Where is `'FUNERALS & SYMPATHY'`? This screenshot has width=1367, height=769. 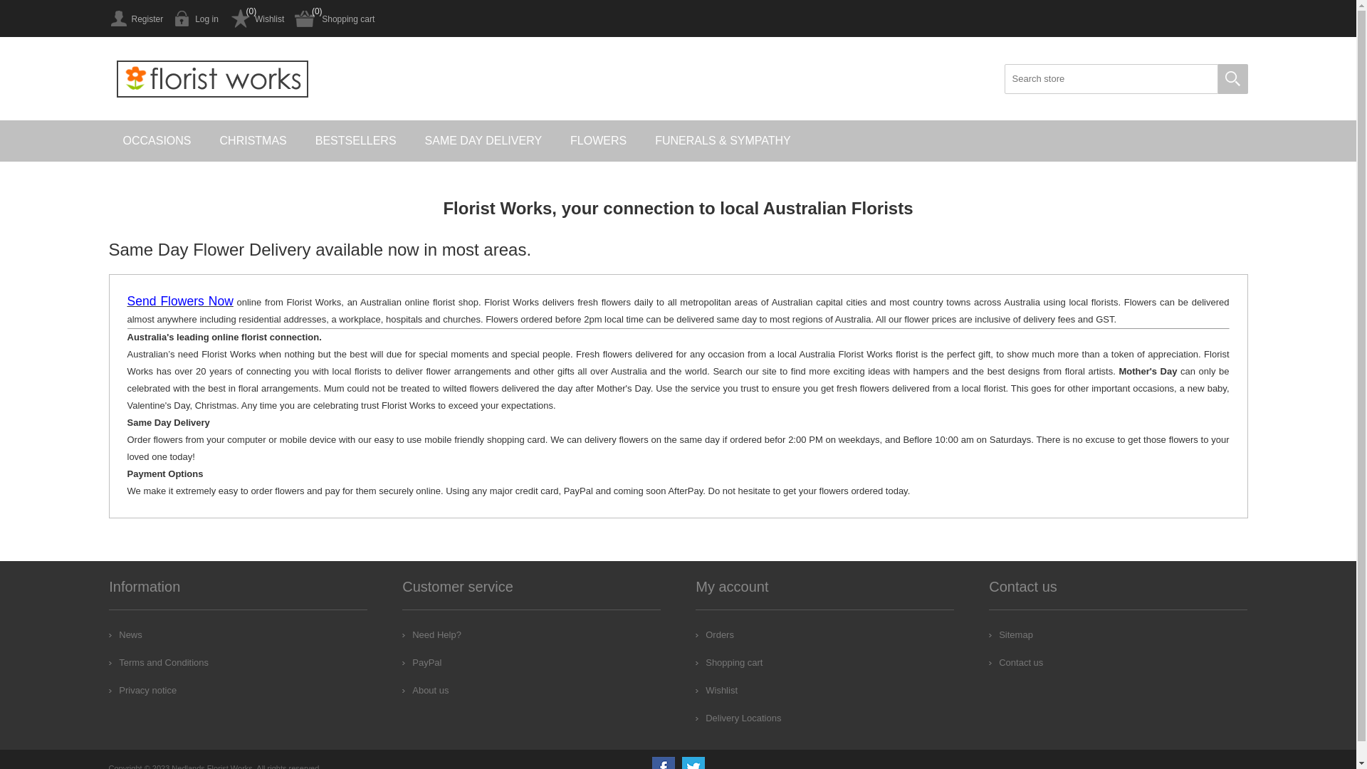
'FUNERALS & SYMPATHY' is located at coordinates (723, 140).